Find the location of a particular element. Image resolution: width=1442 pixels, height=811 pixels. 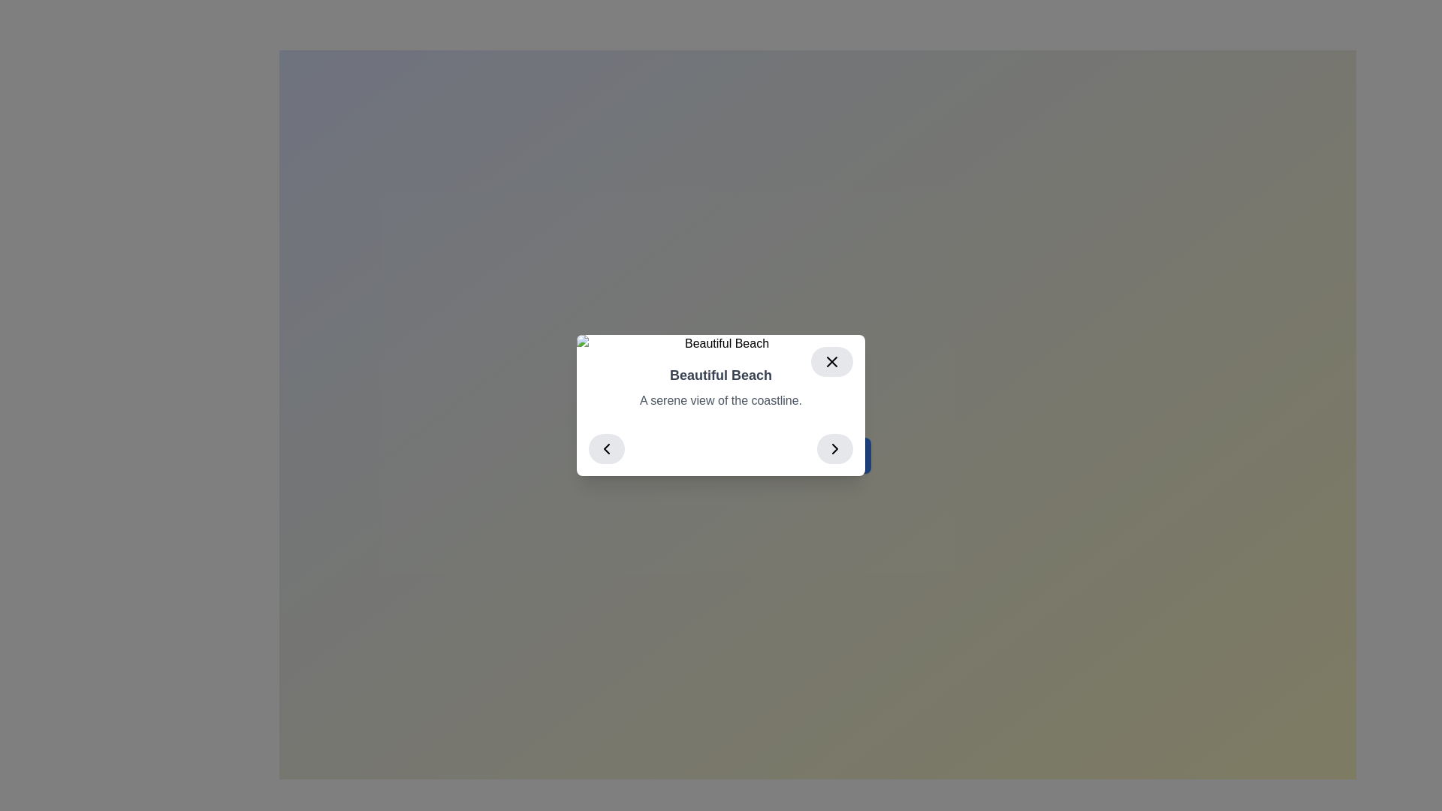

the leftward pointing chevron icon within the navigational button located at the bottom left corner of the pop-up card UI is located at coordinates (606, 448).